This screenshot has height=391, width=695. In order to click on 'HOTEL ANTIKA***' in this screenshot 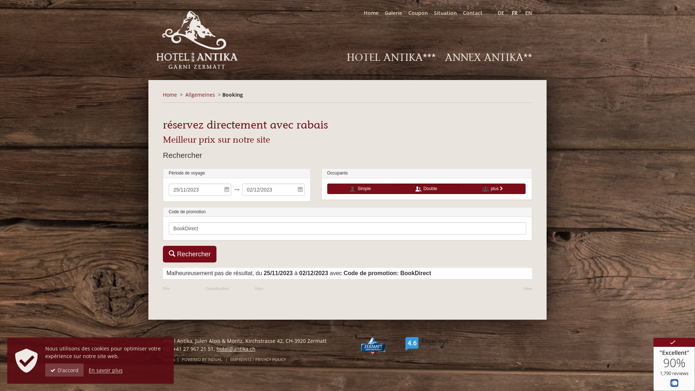, I will do `click(391, 57)`.